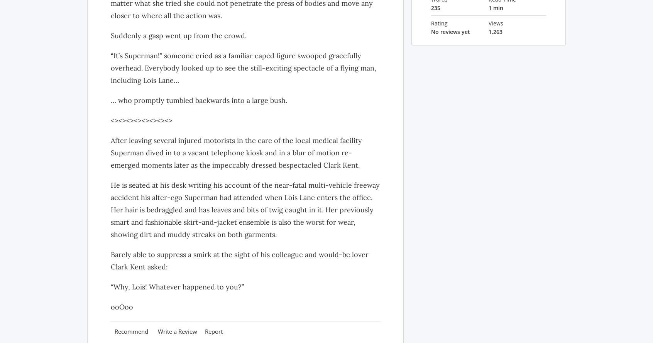  What do you see at coordinates (178, 35) in the screenshot?
I see `'Suddenly a gasp went up from the crowd.'` at bounding box center [178, 35].